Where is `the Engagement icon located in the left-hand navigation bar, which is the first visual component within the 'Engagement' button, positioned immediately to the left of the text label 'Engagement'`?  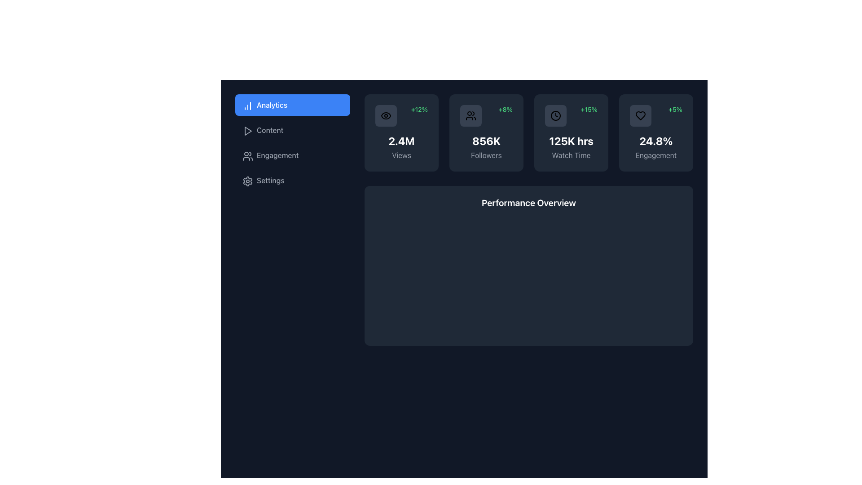
the Engagement icon located in the left-hand navigation bar, which is the first visual component within the 'Engagement' button, positioned immediately to the left of the text label 'Engagement' is located at coordinates (247, 155).